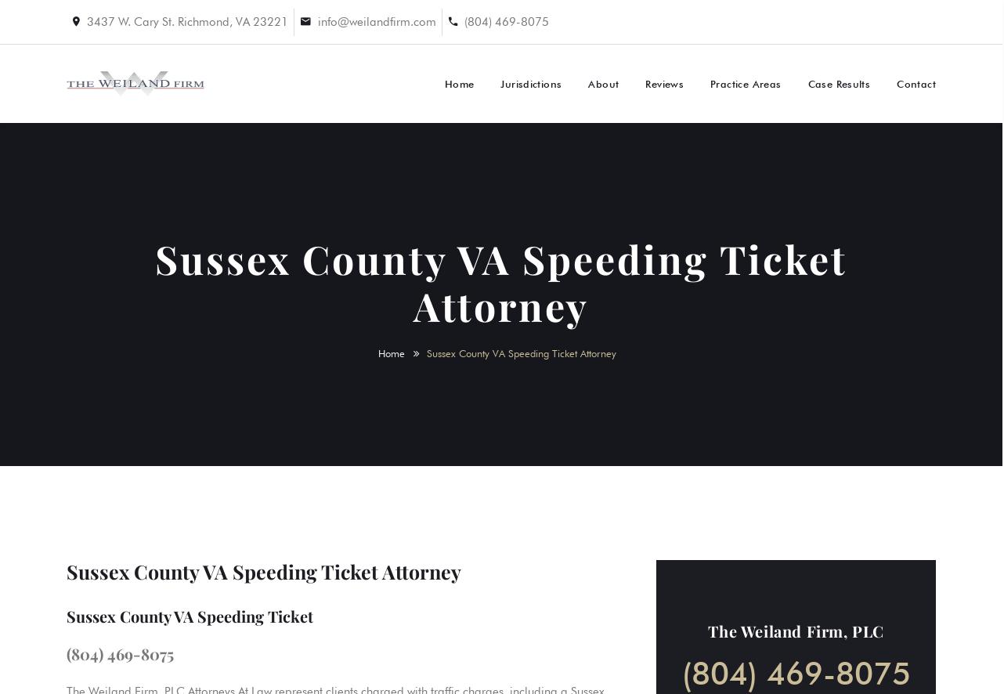 This screenshot has height=694, width=1004. I want to click on 'DUI/DWI', so click(765, 169).